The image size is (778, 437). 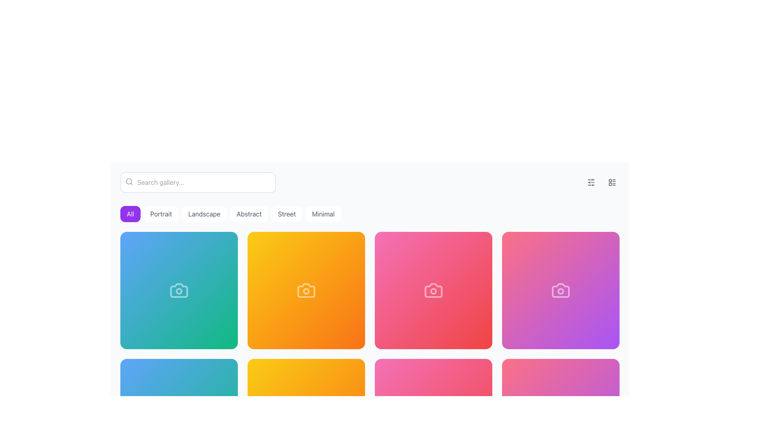 What do you see at coordinates (128, 181) in the screenshot?
I see `the circular part of the magnifying glass icon, which represents the search capability and is located at the top-left corner of the search bar` at bounding box center [128, 181].